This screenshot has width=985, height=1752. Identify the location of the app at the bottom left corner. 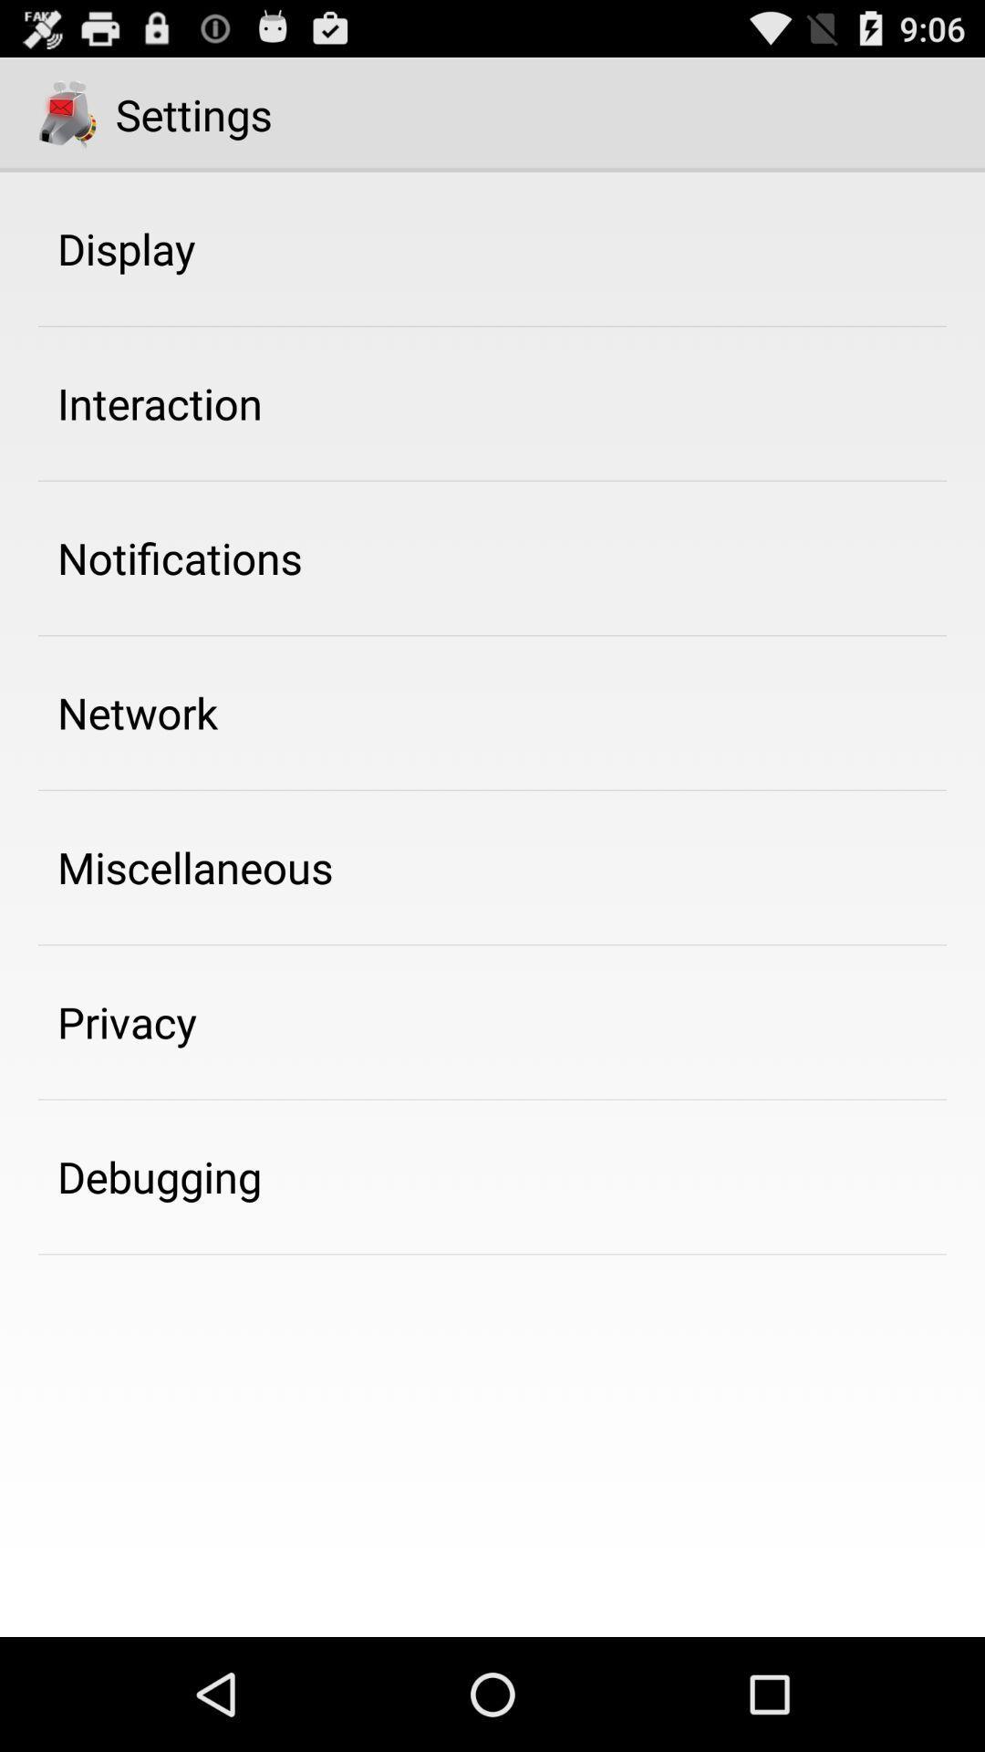
(159, 1176).